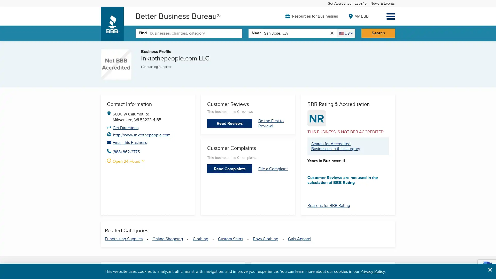  I want to click on Search, so click(378, 33).